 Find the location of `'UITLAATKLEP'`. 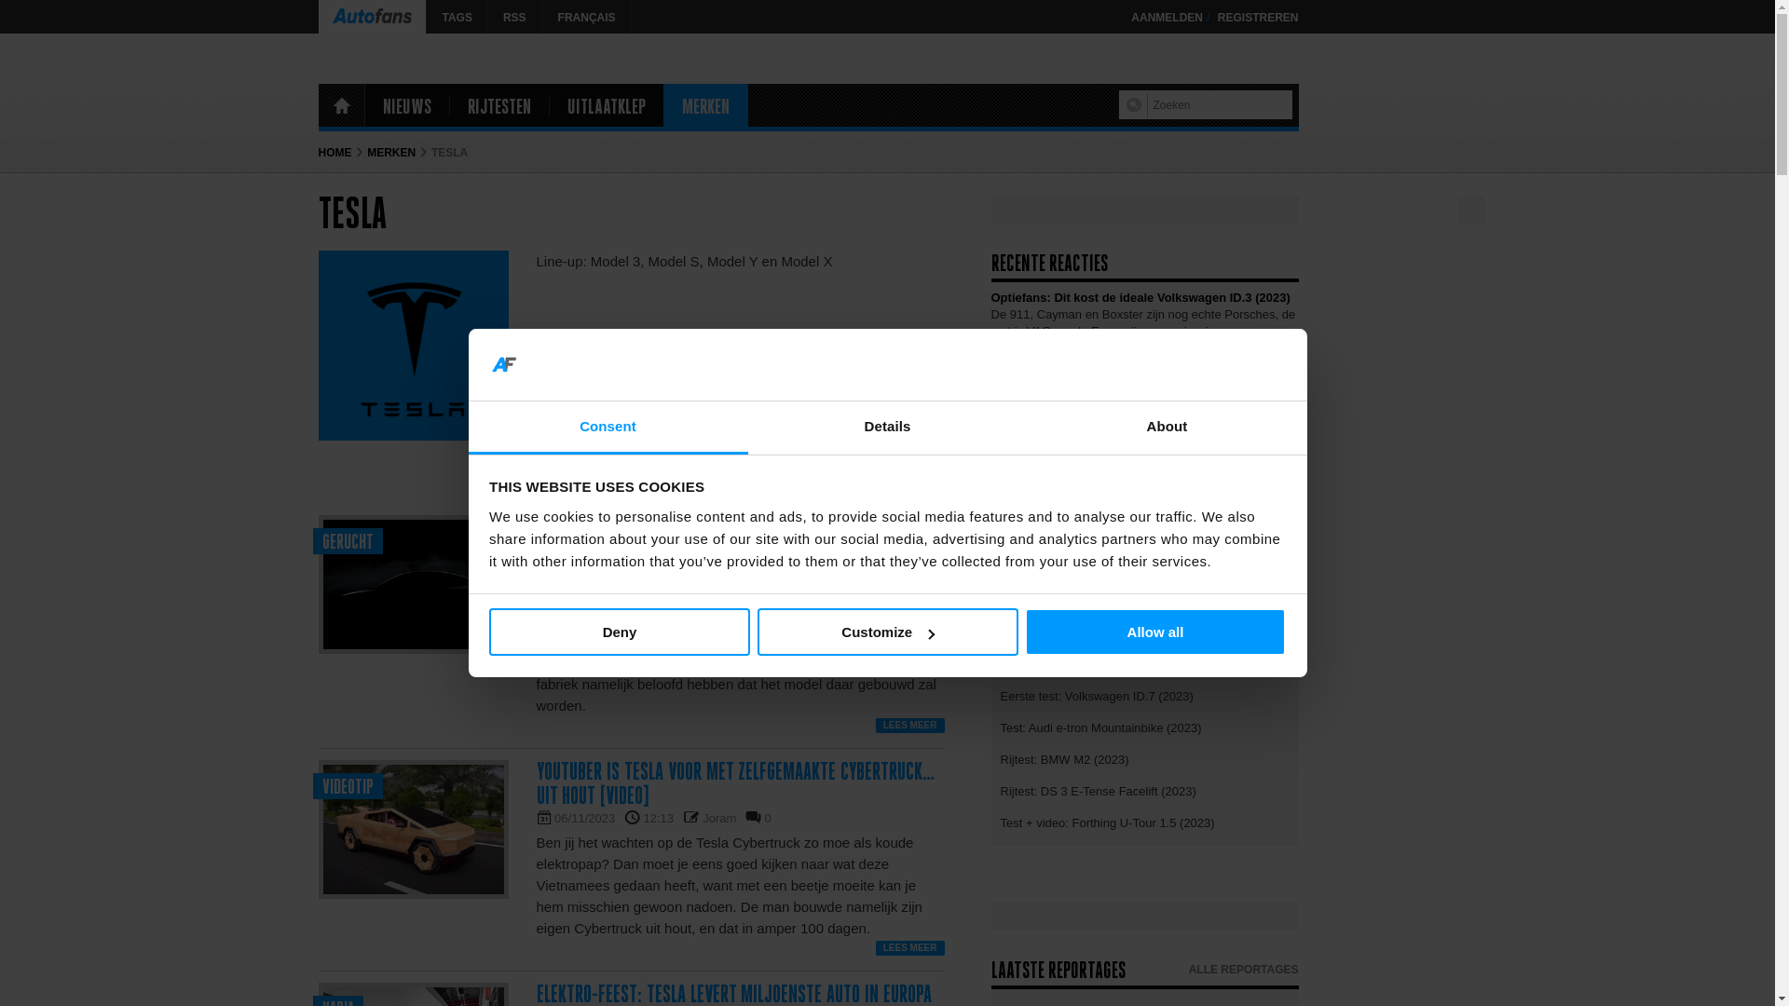

'UITLAATKLEP' is located at coordinates (549, 104).